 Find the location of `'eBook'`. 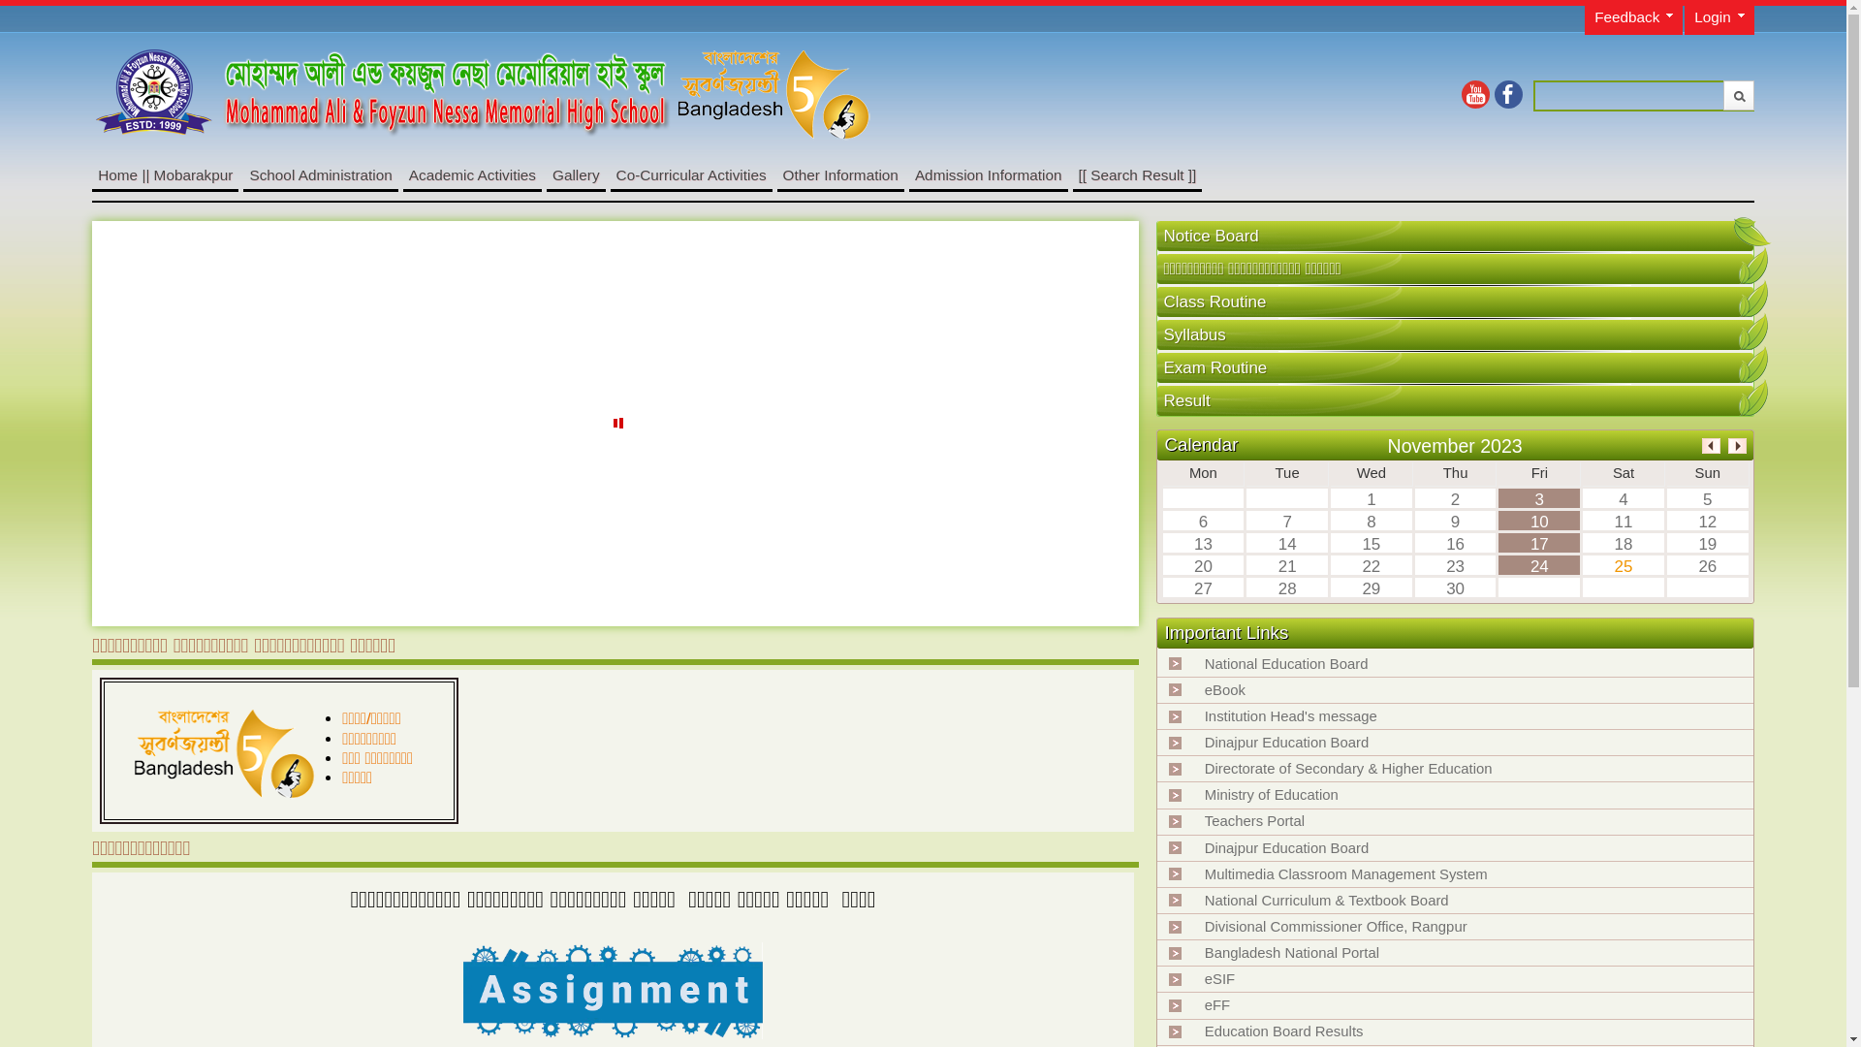

'eBook' is located at coordinates (1223, 689).